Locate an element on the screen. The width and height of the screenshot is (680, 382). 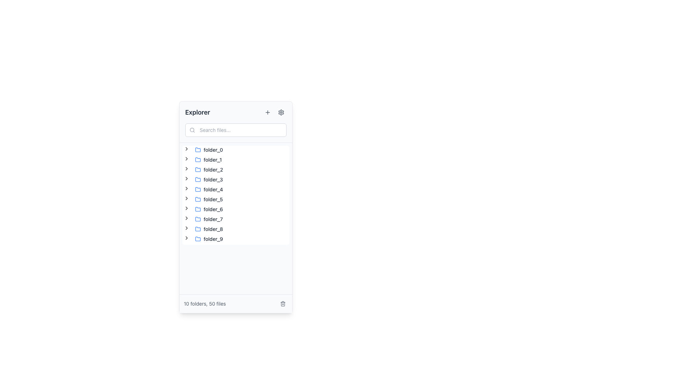
the search functionality by clicking the decorative circle icon within the Explorer's search bar is located at coordinates (192, 130).